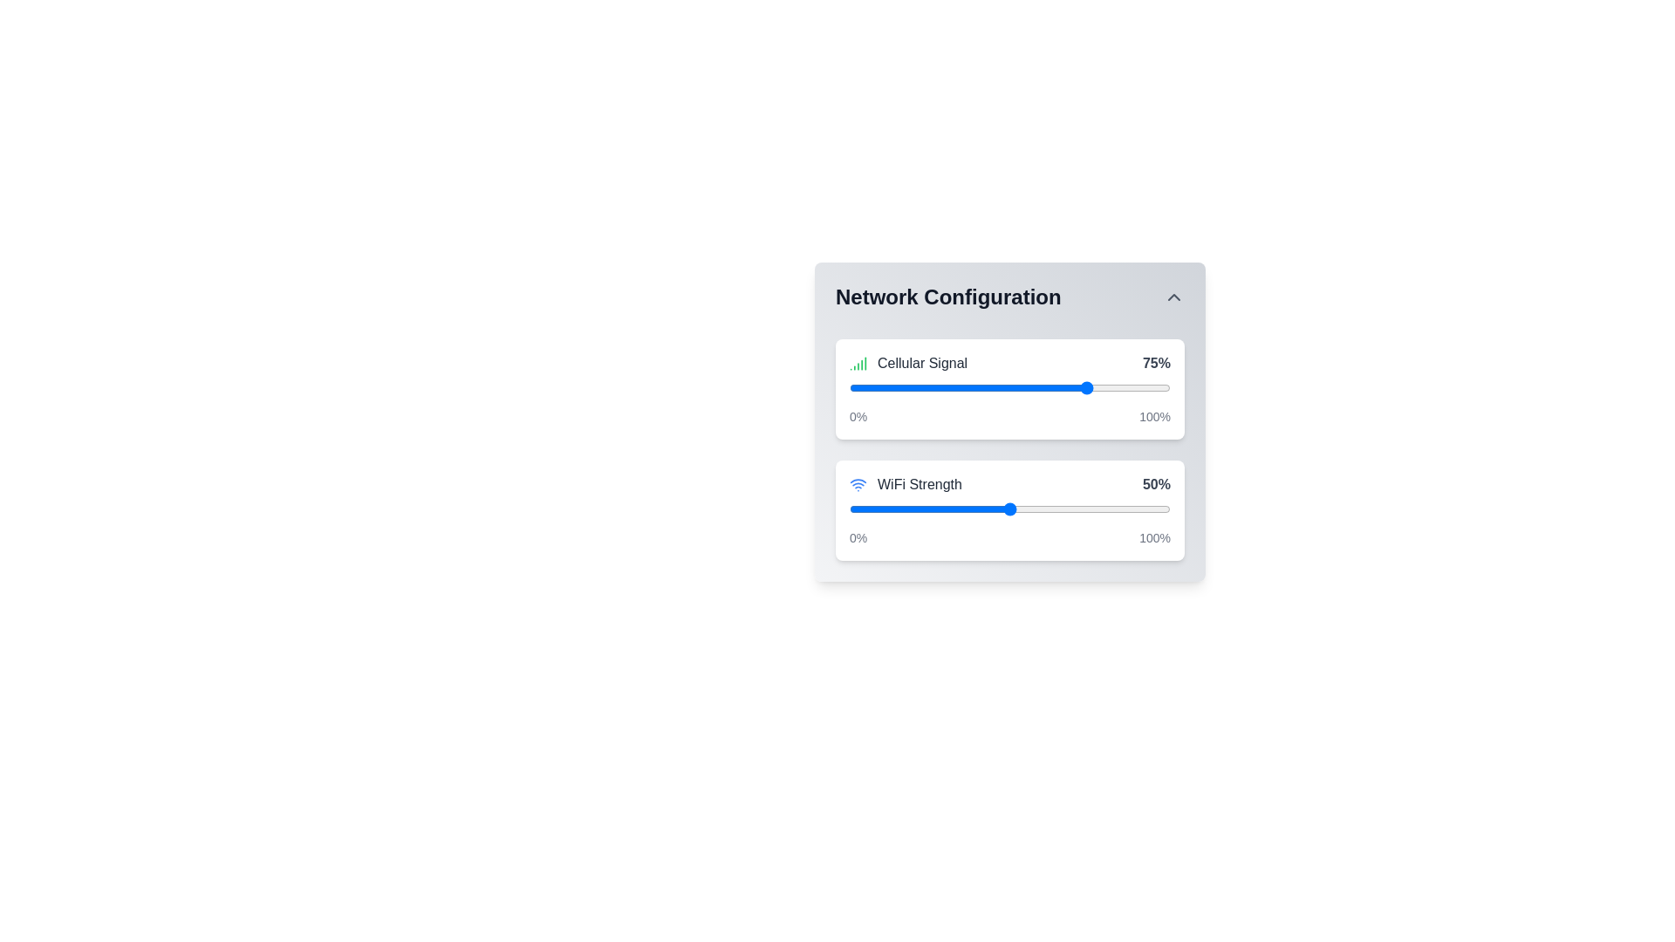  I want to click on the WiFi strength, so click(970, 509).